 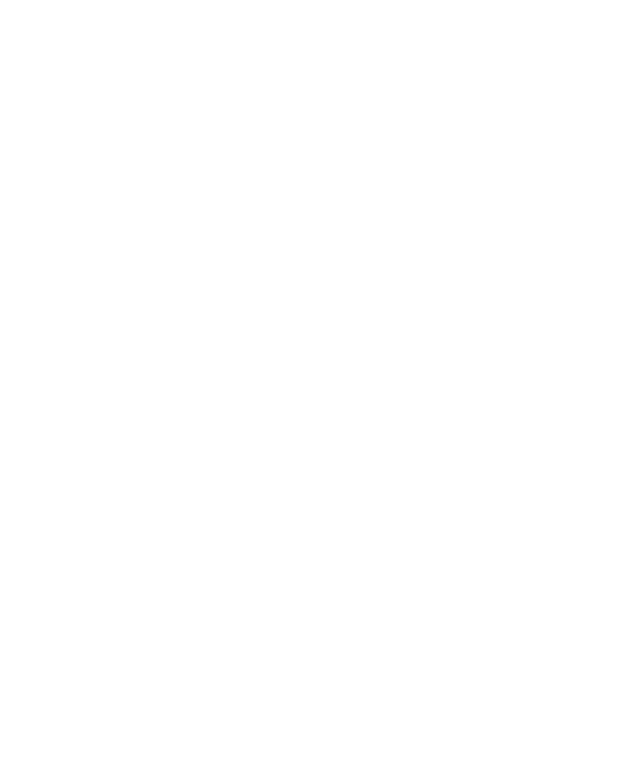 I want to click on 'The Company', so click(x=50, y=528).